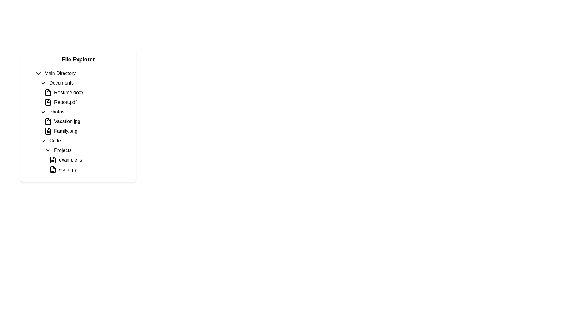  What do you see at coordinates (80, 73) in the screenshot?
I see `the 'Main Directory' expandable list item` at bounding box center [80, 73].